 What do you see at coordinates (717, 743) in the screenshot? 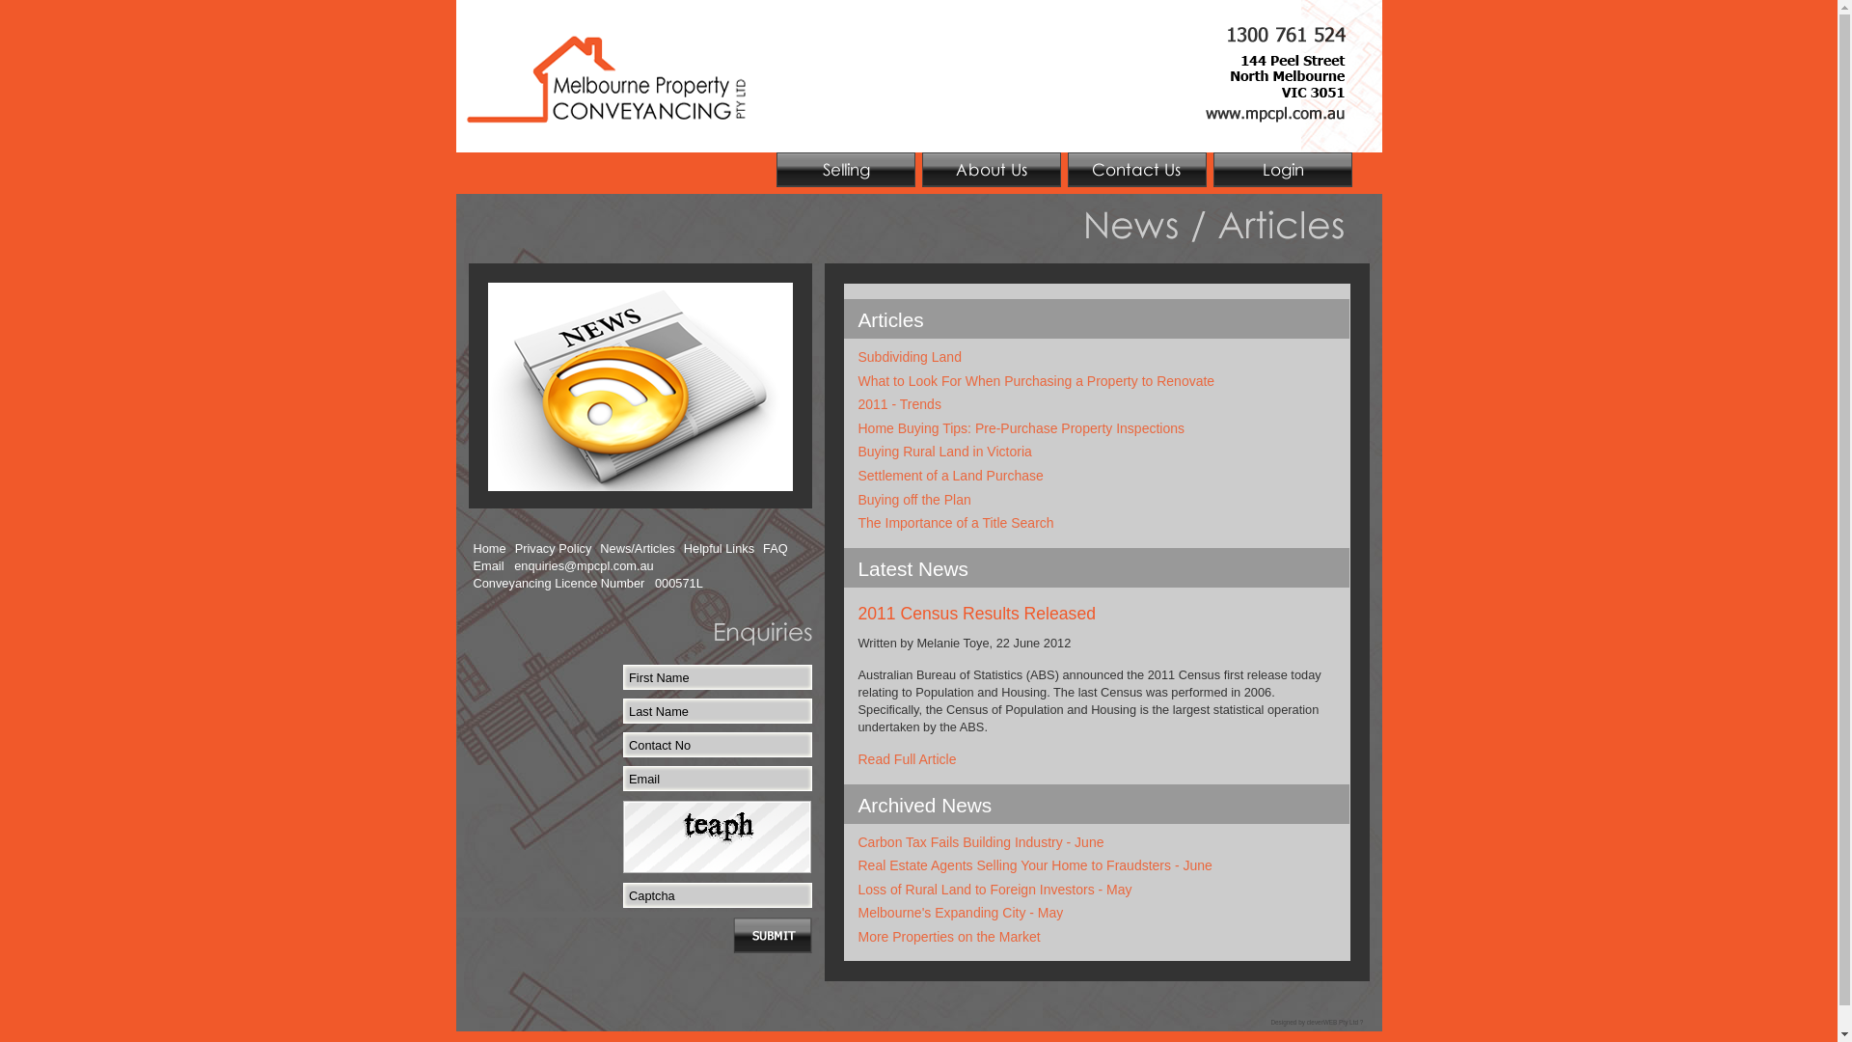
I see `' Contact No'` at bounding box center [717, 743].